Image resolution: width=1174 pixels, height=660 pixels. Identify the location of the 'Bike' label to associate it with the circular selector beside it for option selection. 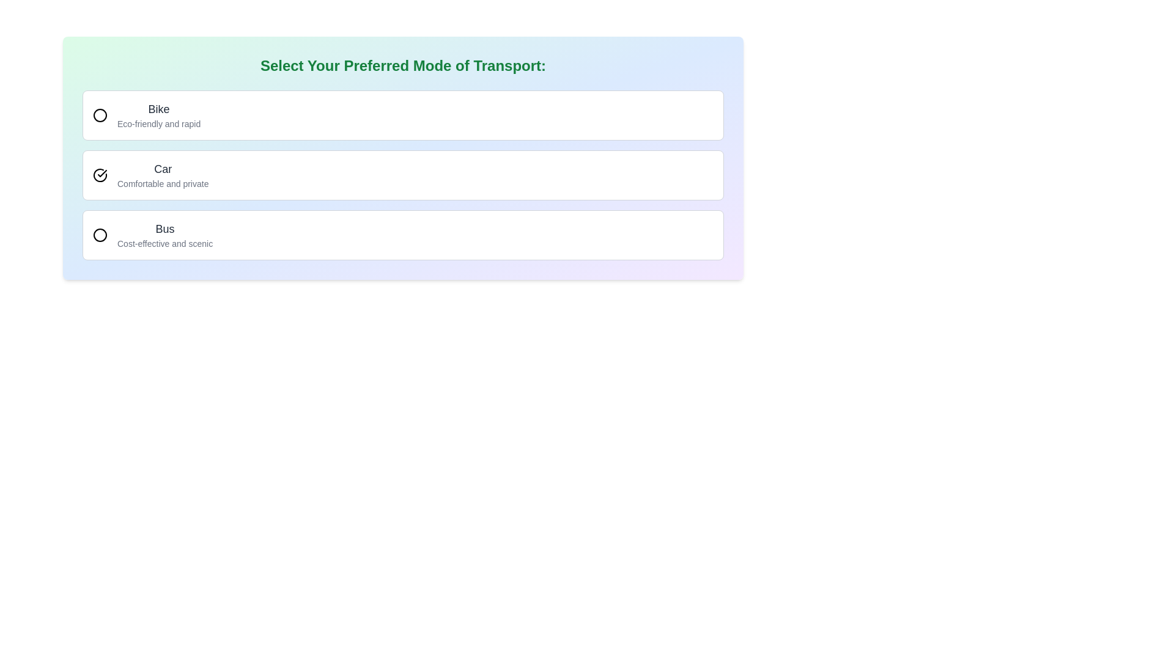
(158, 116).